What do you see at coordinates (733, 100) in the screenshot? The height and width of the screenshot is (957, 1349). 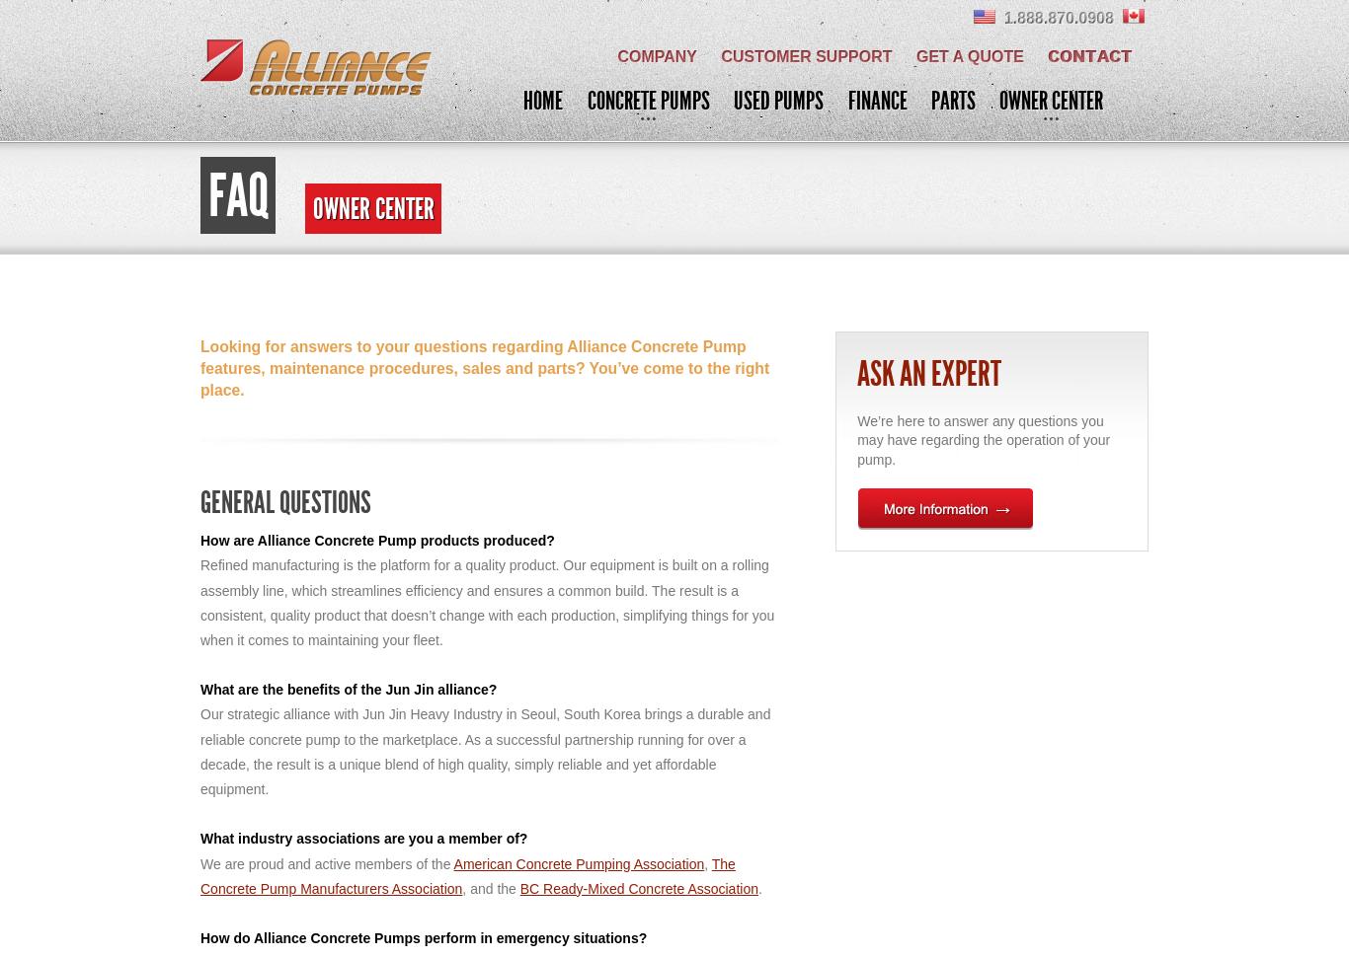 I see `'Used Pumps'` at bounding box center [733, 100].